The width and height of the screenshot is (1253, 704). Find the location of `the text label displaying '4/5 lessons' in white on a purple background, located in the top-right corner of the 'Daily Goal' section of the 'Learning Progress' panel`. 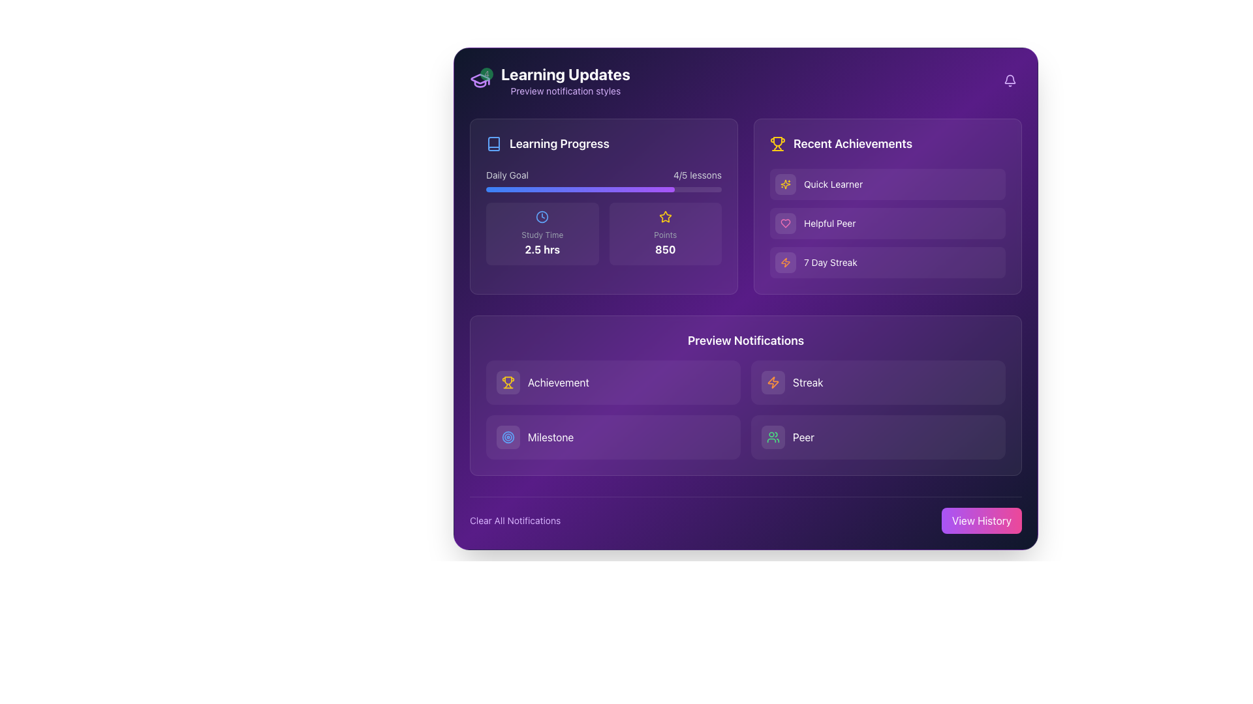

the text label displaying '4/5 lessons' in white on a purple background, located in the top-right corner of the 'Daily Goal' section of the 'Learning Progress' panel is located at coordinates (697, 175).